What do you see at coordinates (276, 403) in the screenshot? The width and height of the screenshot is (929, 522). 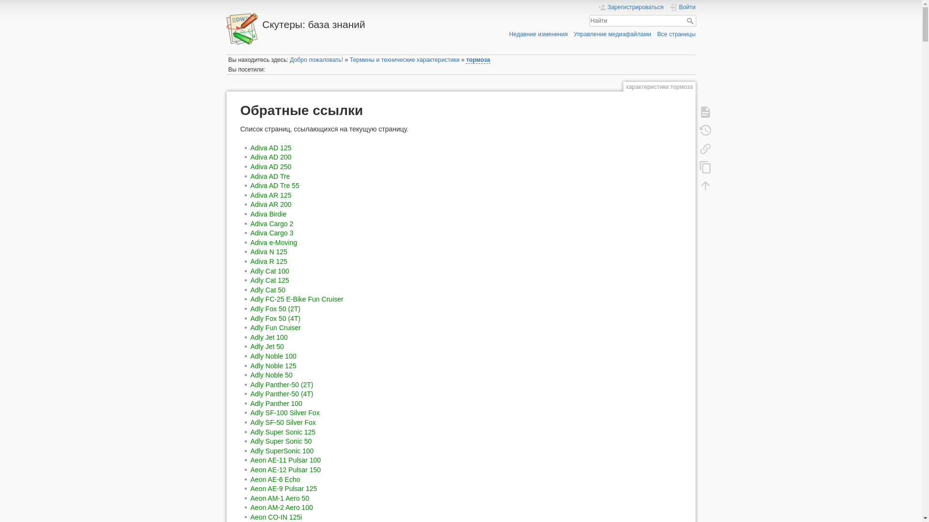 I see `'Adly Panther 100'` at bounding box center [276, 403].